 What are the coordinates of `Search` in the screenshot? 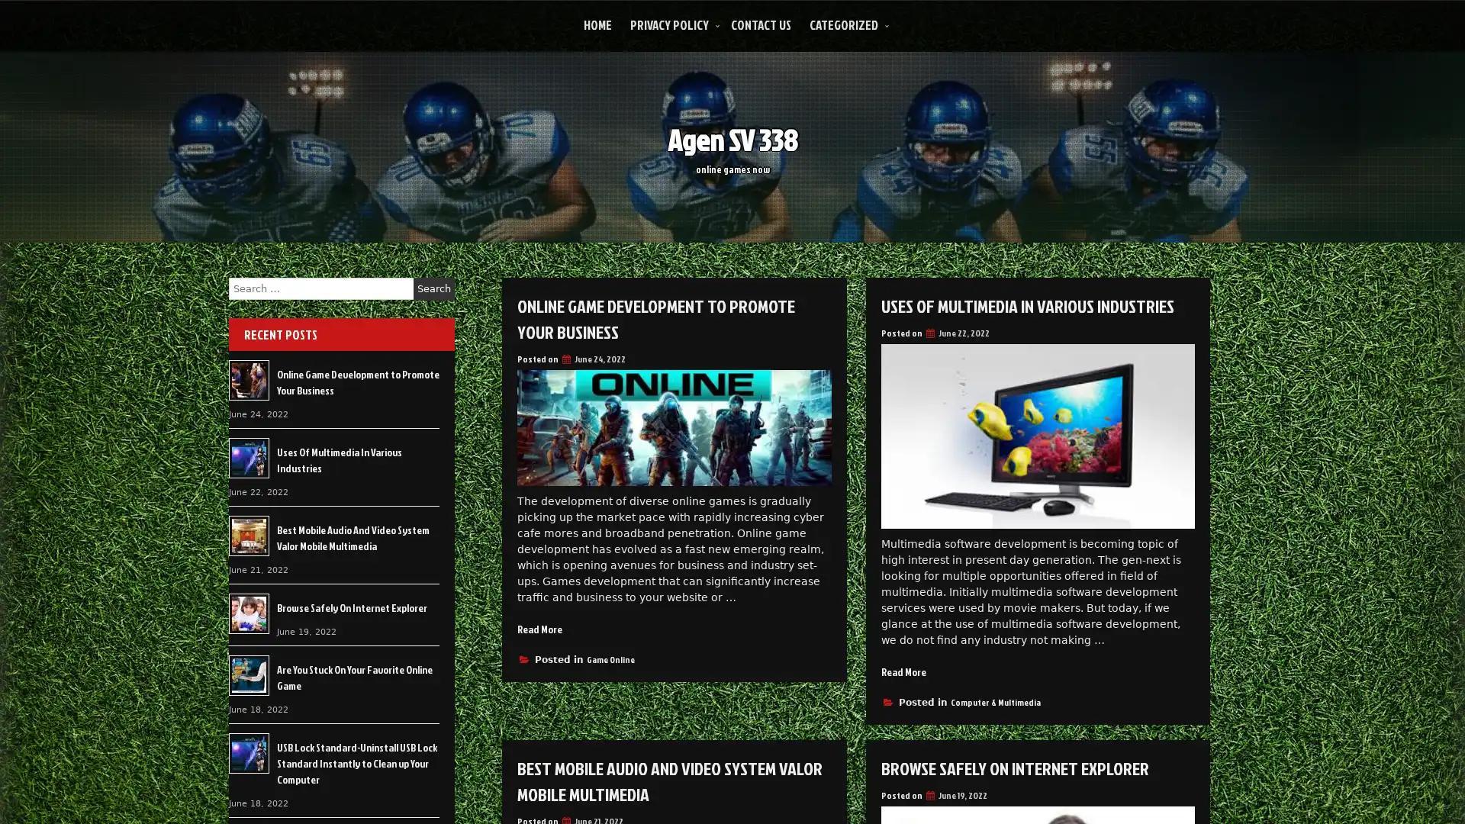 It's located at (433, 288).